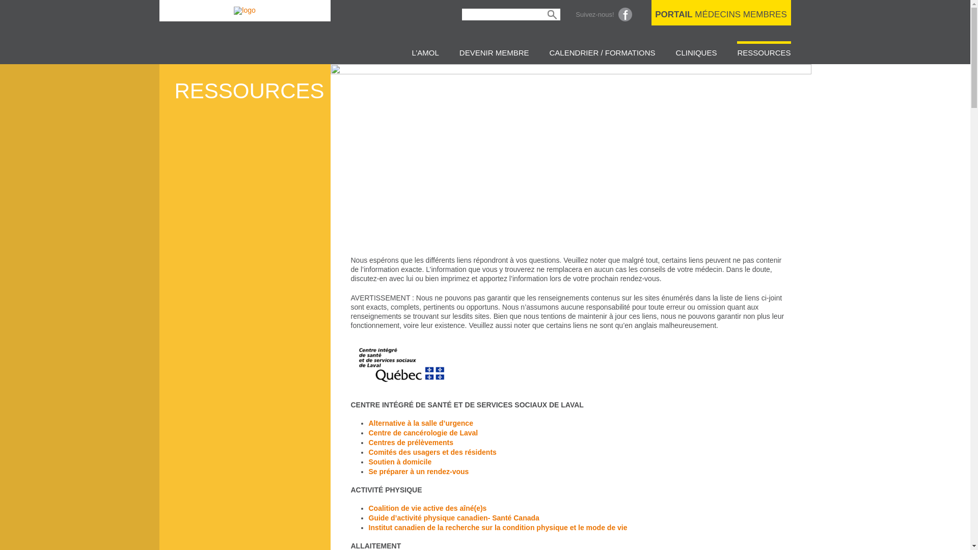 The image size is (978, 550). What do you see at coordinates (737, 51) in the screenshot?
I see `'RESSOURCES'` at bounding box center [737, 51].